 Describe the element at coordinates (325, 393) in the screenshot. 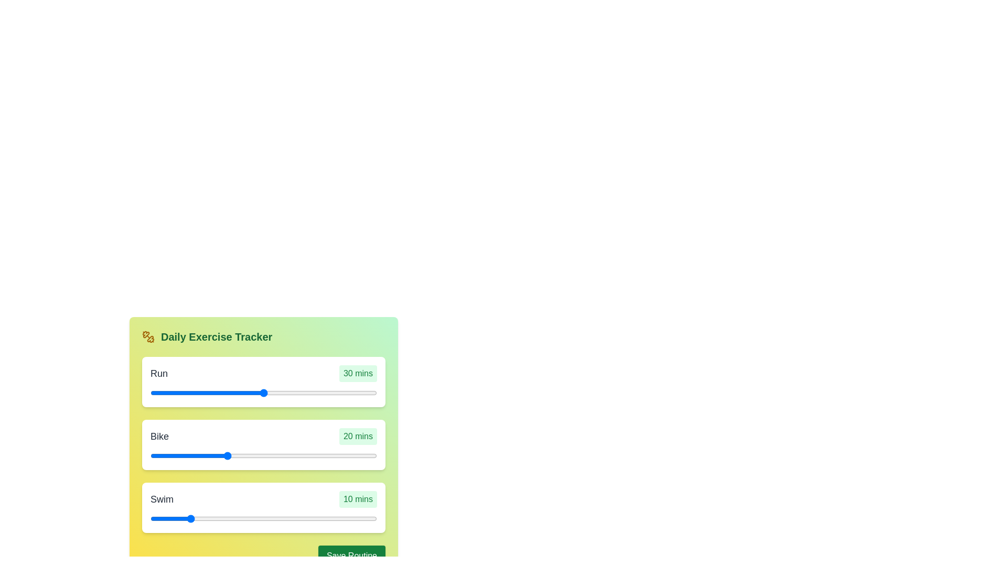

I see `the duration of the 0 slider to 33 minutes` at that location.